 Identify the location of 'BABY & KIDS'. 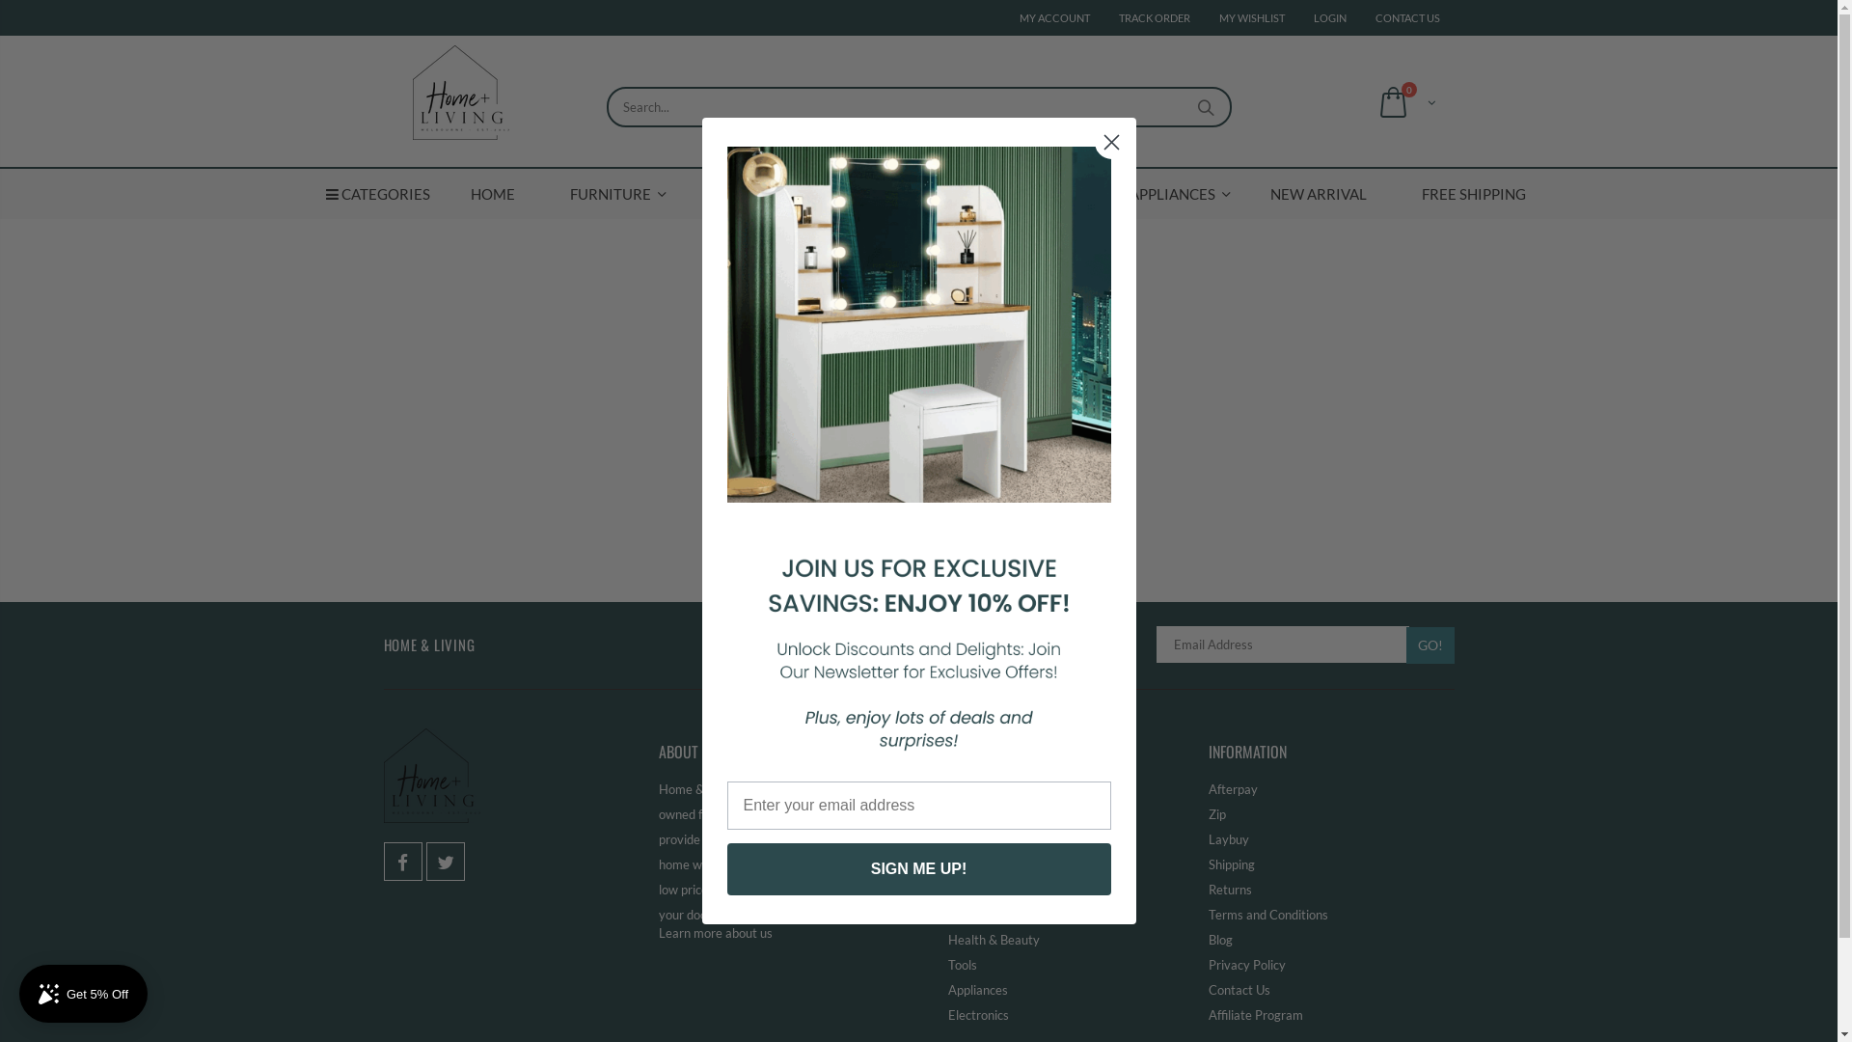
(749, 193).